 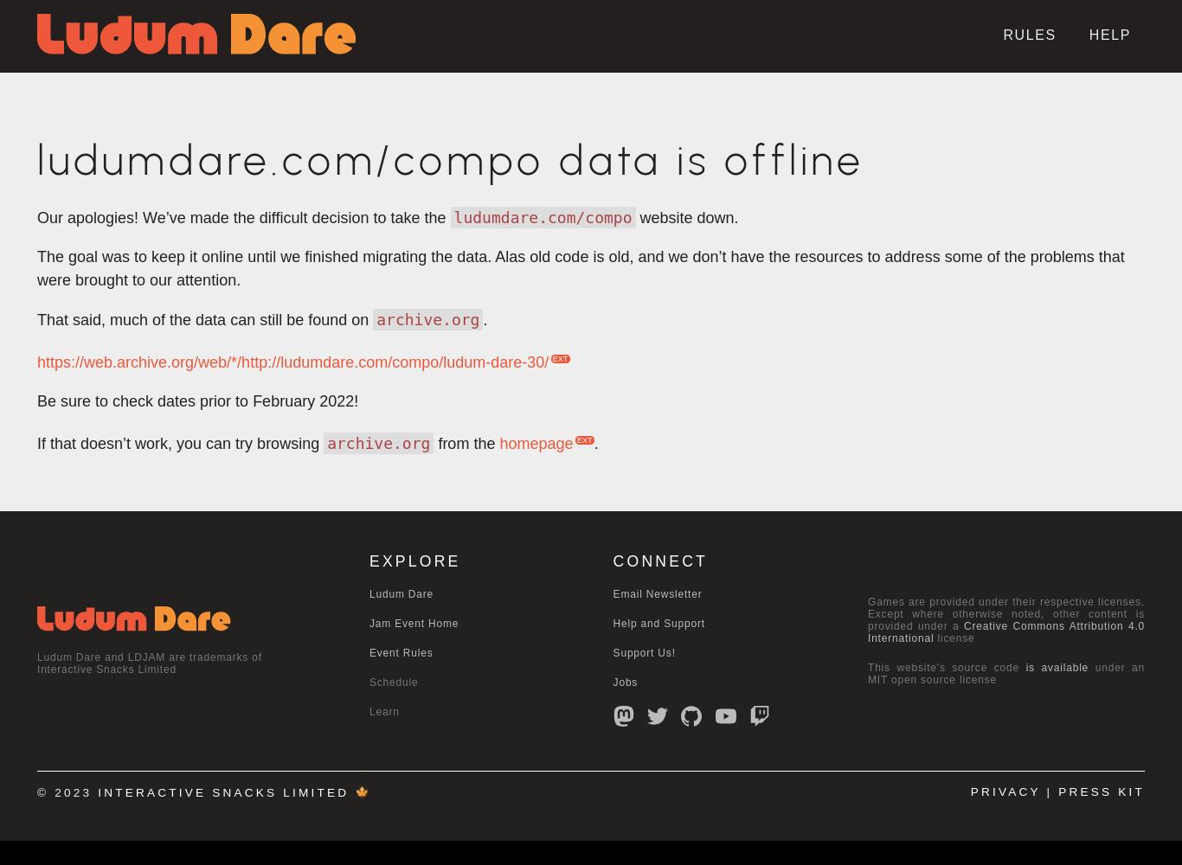 What do you see at coordinates (382, 711) in the screenshot?
I see `'Learn'` at bounding box center [382, 711].